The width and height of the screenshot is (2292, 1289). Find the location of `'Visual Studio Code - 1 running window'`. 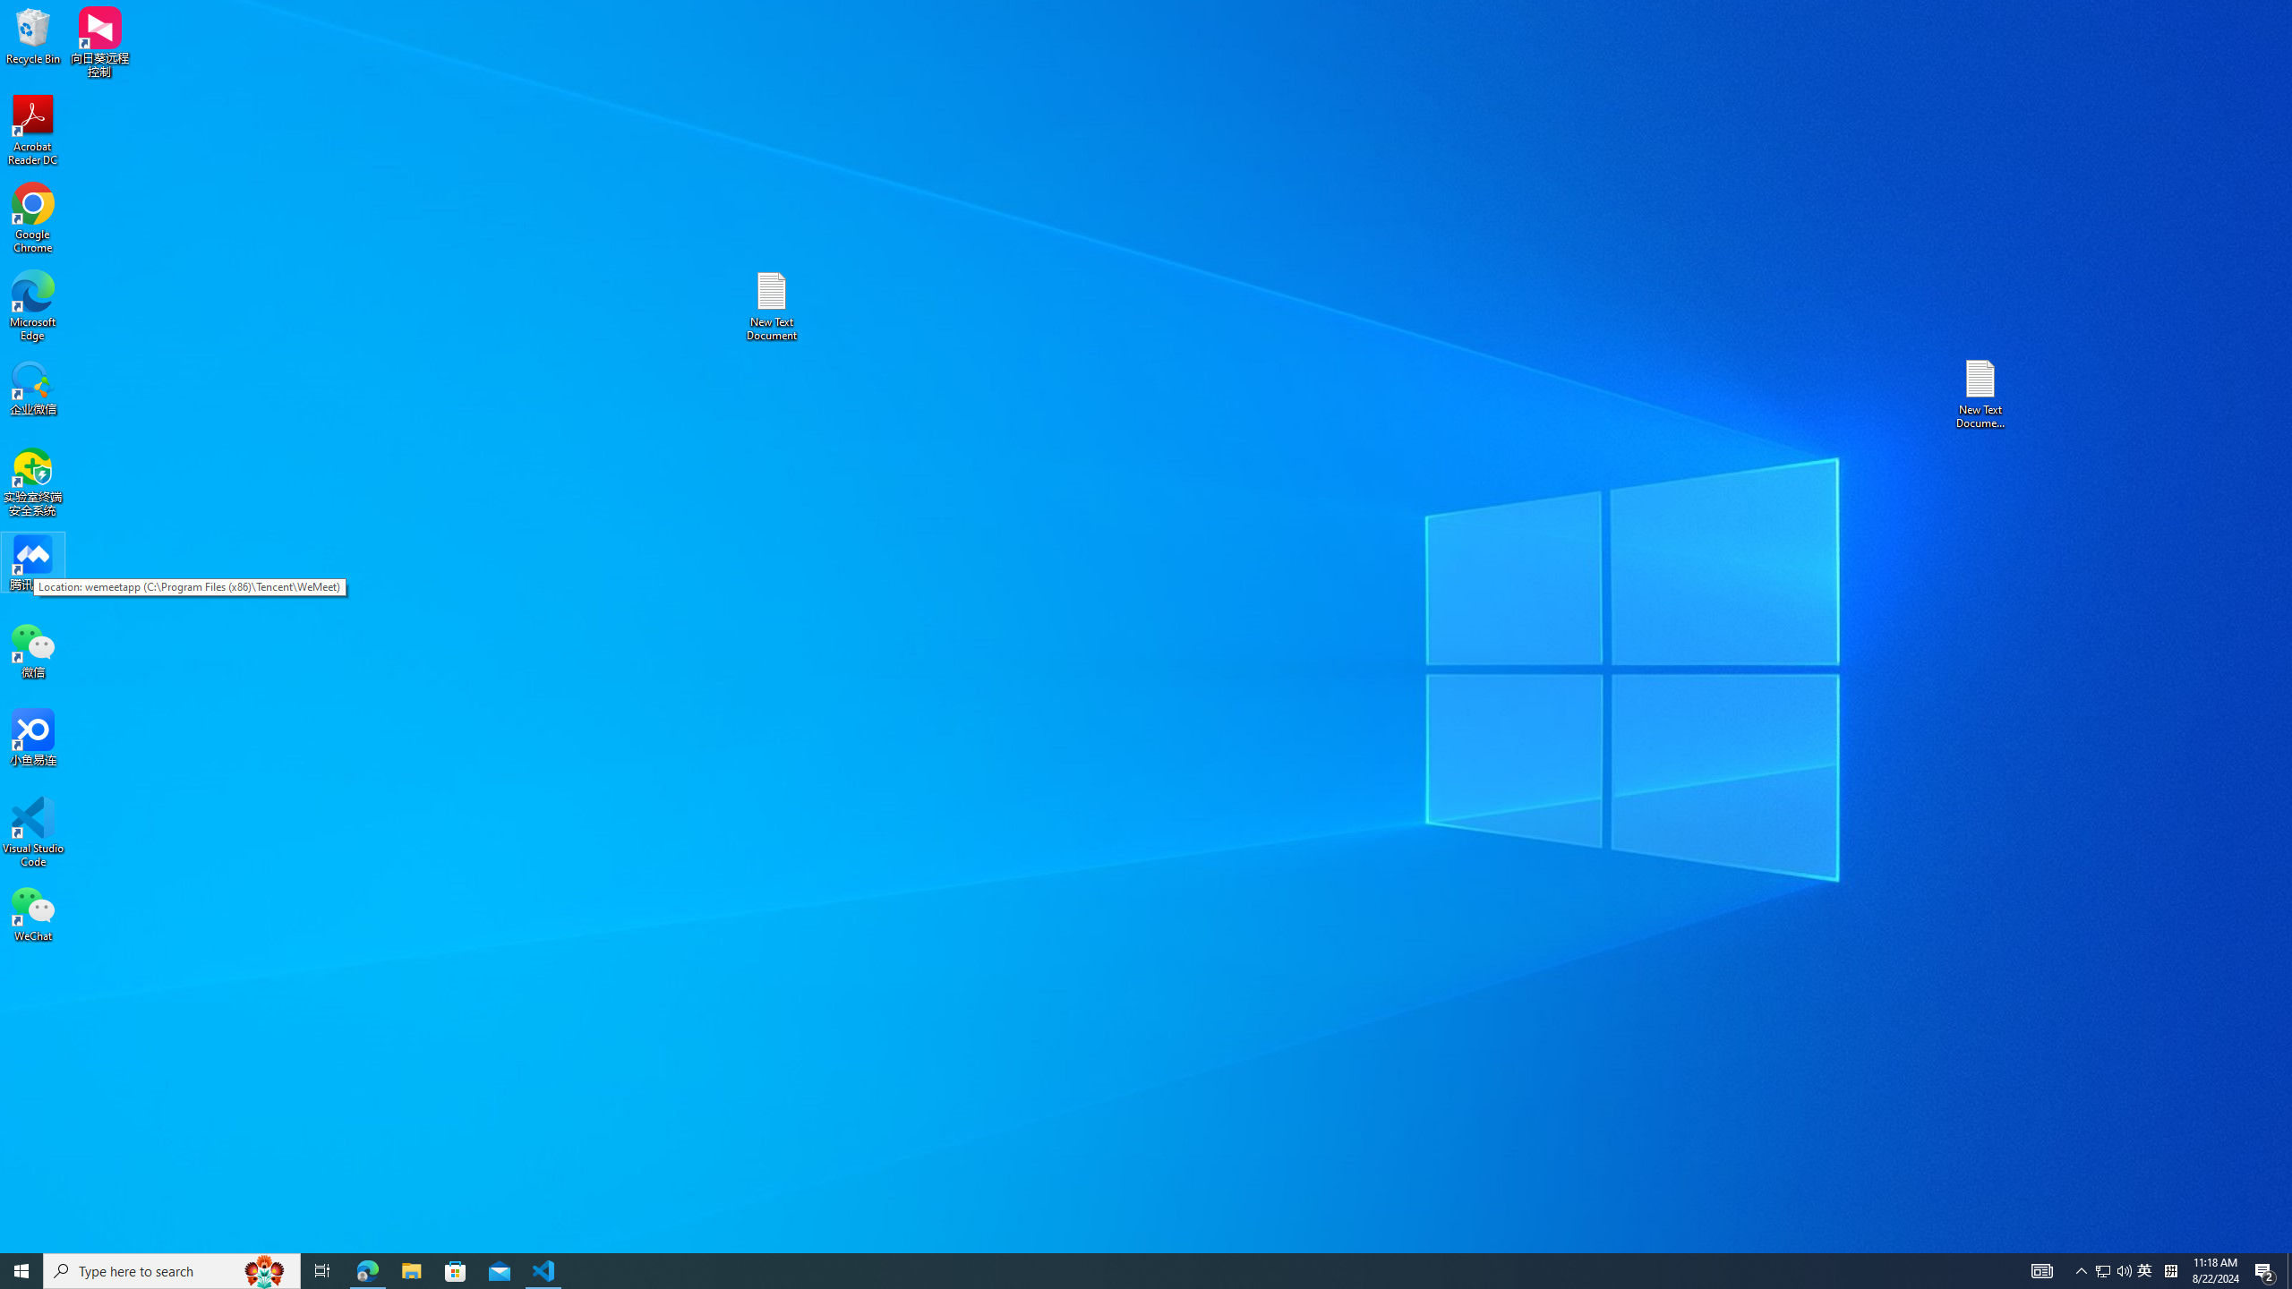

'Visual Studio Code - 1 running window' is located at coordinates (543, 1269).